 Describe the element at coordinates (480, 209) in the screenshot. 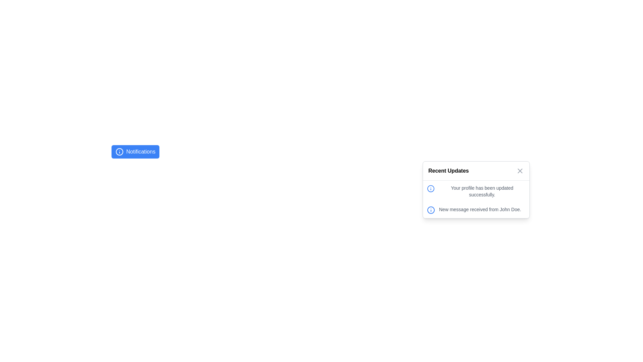

I see `the text label notifying about a new message from John Doe in the 'Recent Updates' notification card` at that location.